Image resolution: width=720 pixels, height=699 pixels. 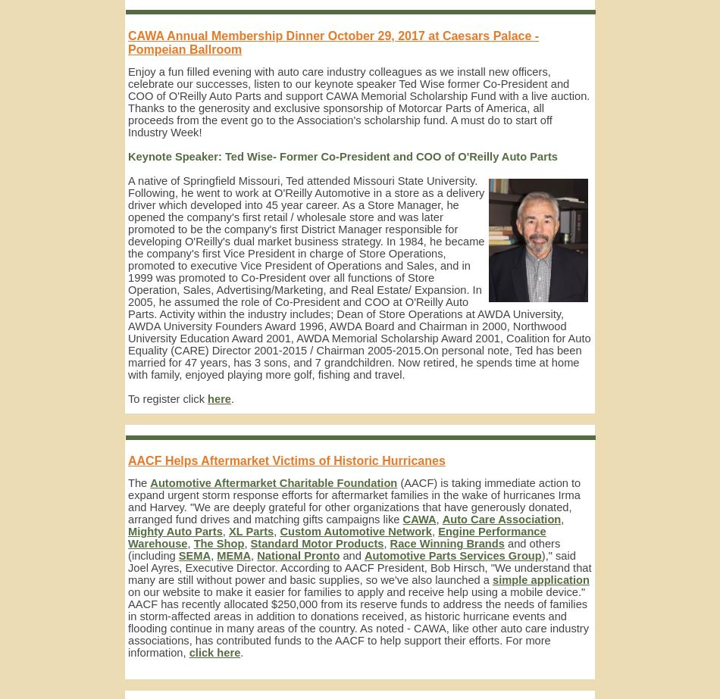 What do you see at coordinates (316, 543) in the screenshot?
I see `'Standard Motor Products'` at bounding box center [316, 543].